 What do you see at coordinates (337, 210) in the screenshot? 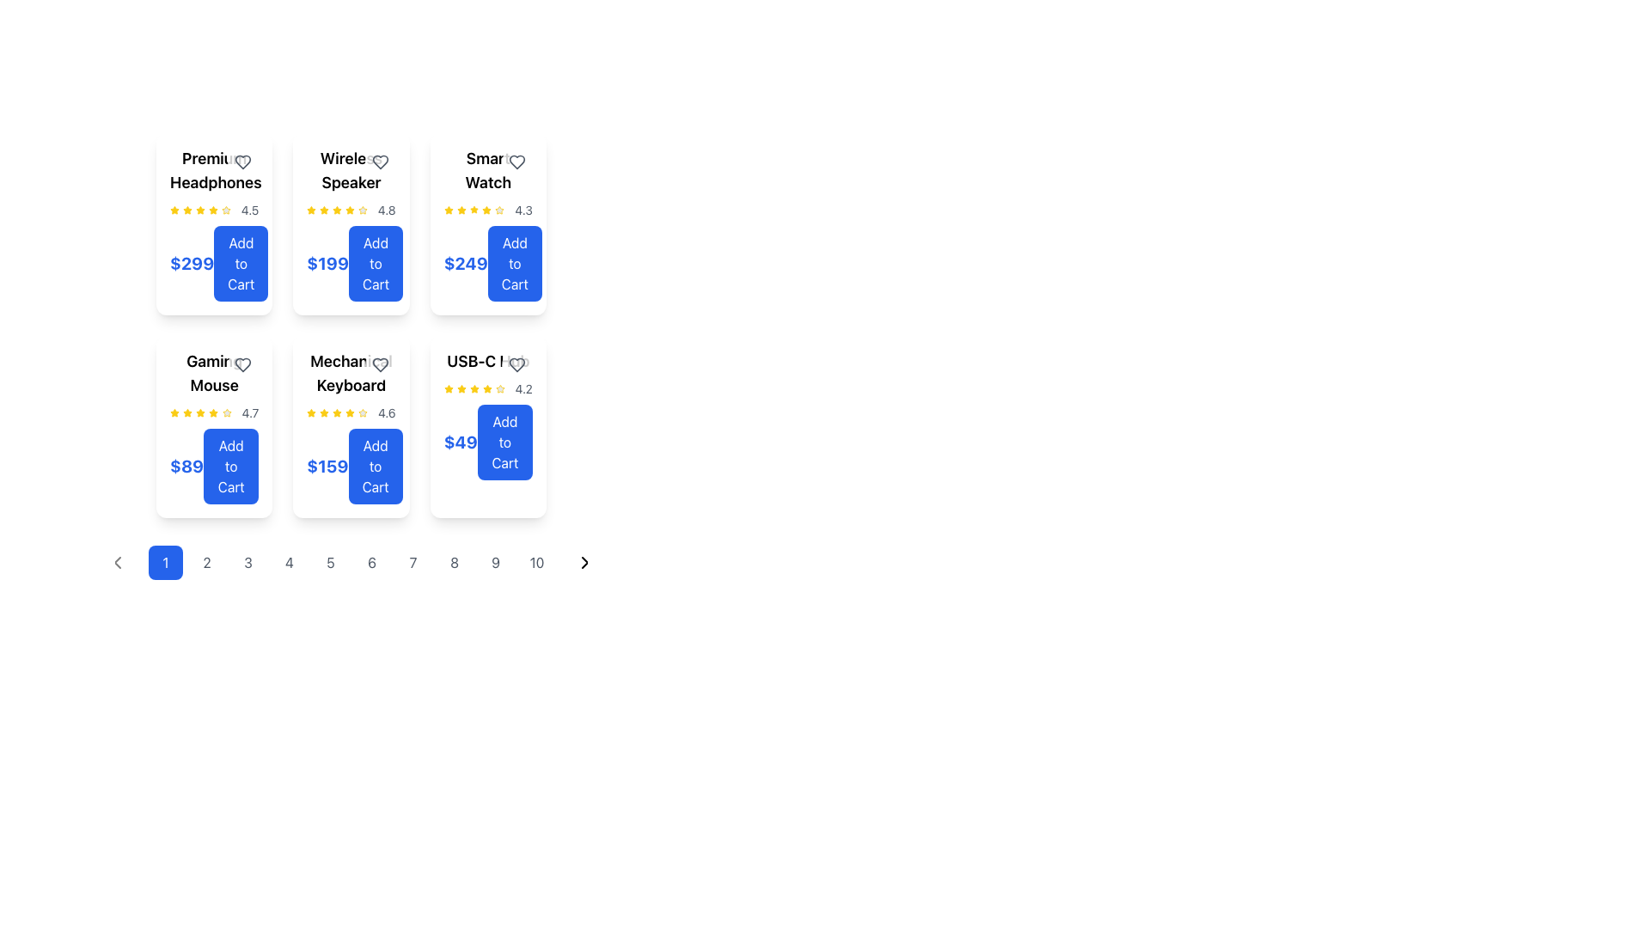
I see `the fourth yellow star icon in the rating display for the 'Wireless Speaker' product card` at bounding box center [337, 210].